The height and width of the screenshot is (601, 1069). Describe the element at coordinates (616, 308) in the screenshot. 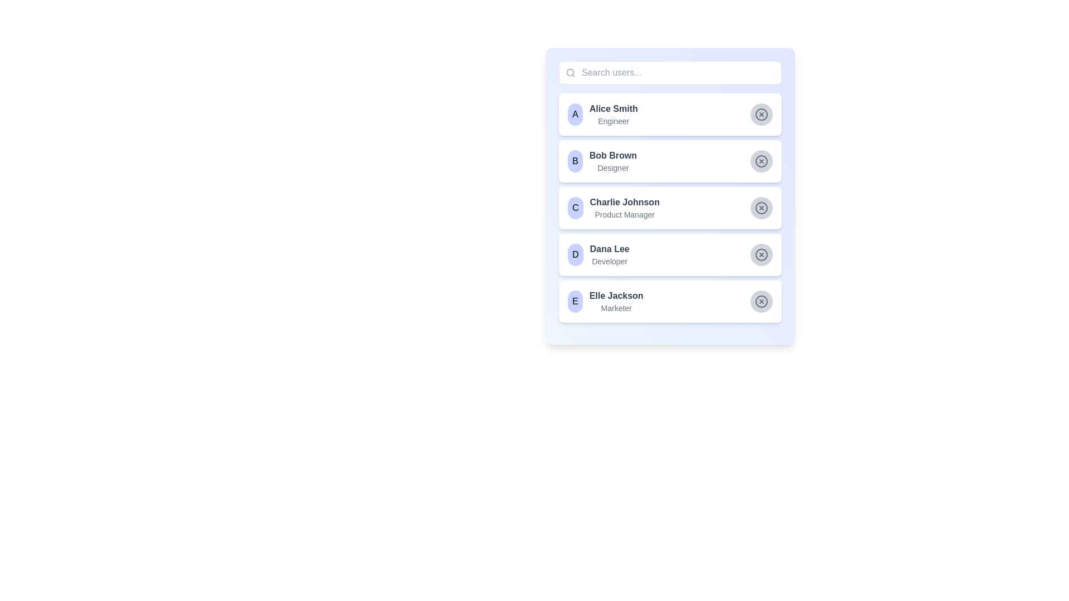

I see `the text label indicating the occupation 'Marketer' of the user 'Elle Jackson' in the user directory` at that location.